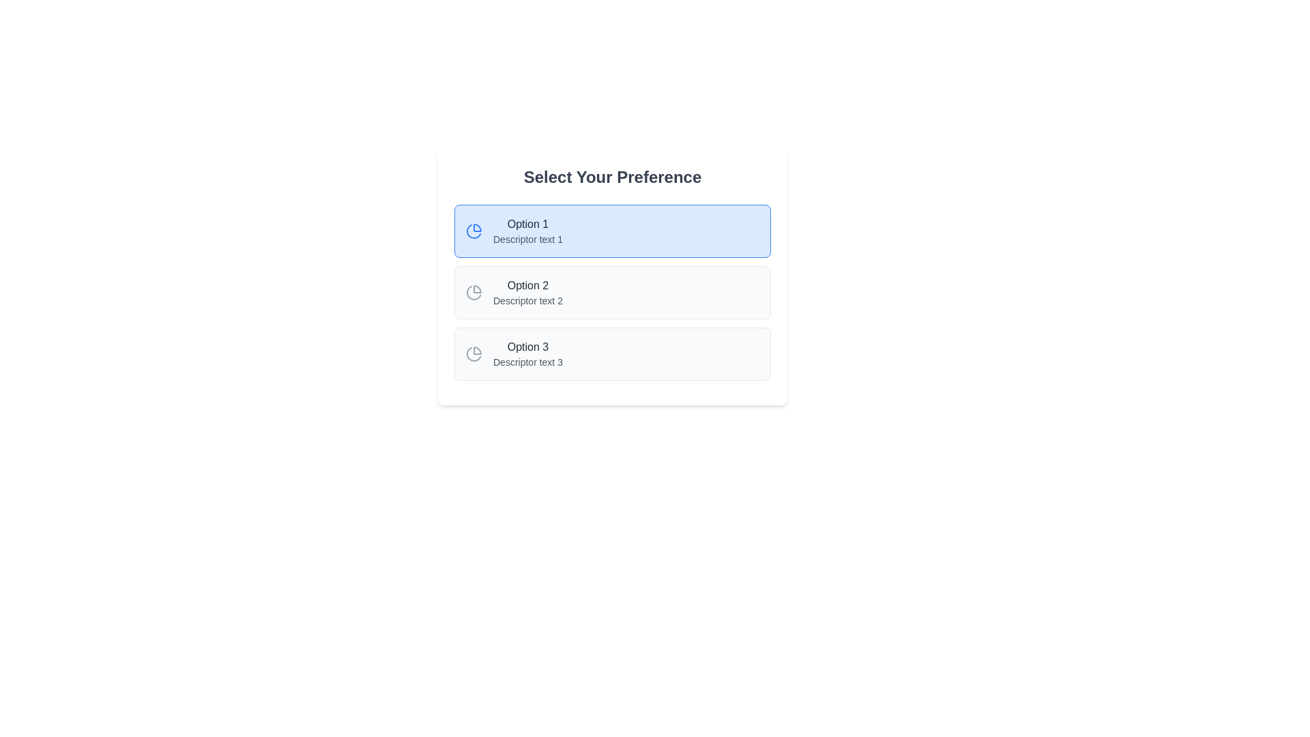  Describe the element at coordinates (611, 291) in the screenshot. I see `the radio button option labeled 'Option 2'` at that location.